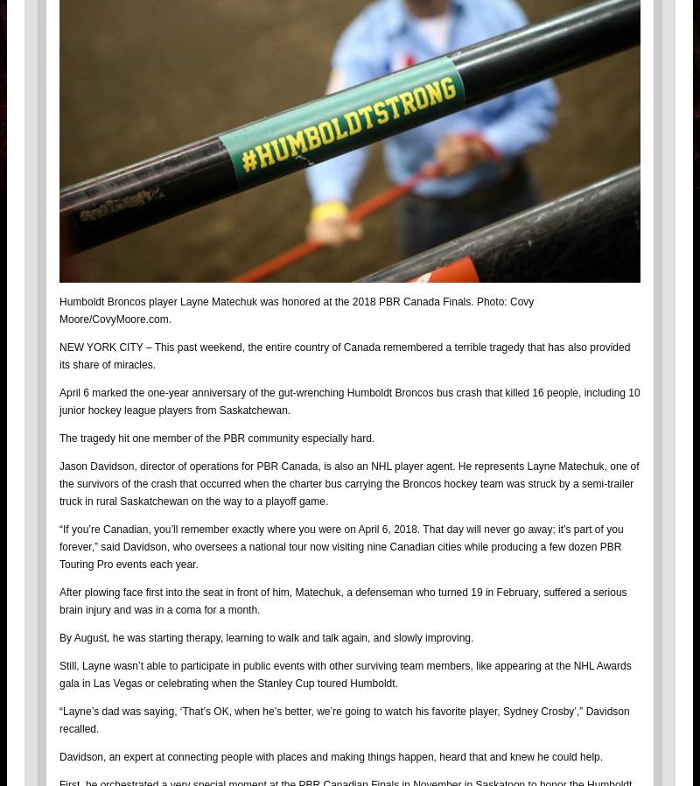 The image size is (700, 786). What do you see at coordinates (59, 482) in the screenshot?
I see `'Jason Davidson, director of operations for PBR Canada, is also an NHL player agent. He represents Layne Matechuk, one of the survivors of the crash that occurred when the charter bus carrying the Broncos hockey team was struck by a semi-trailer truck in rural Saskatchewan on the way to a playoff game.'` at bounding box center [59, 482].